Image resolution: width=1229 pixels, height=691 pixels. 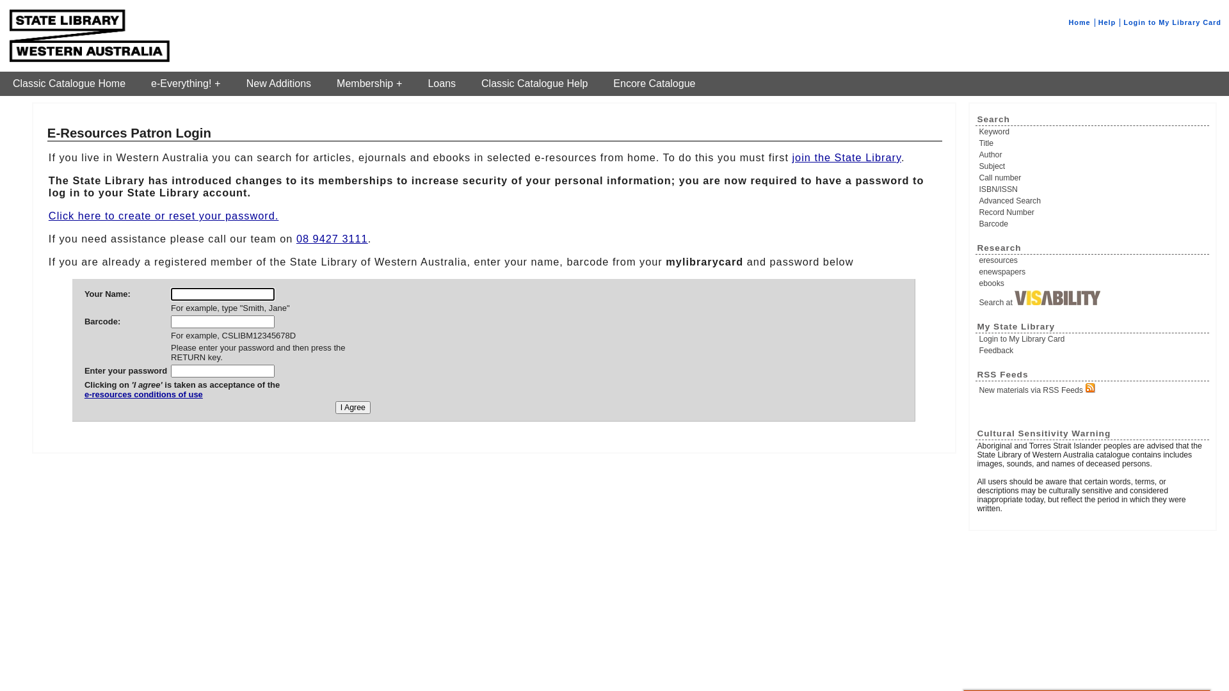 I want to click on 'Loans', so click(x=442, y=84).